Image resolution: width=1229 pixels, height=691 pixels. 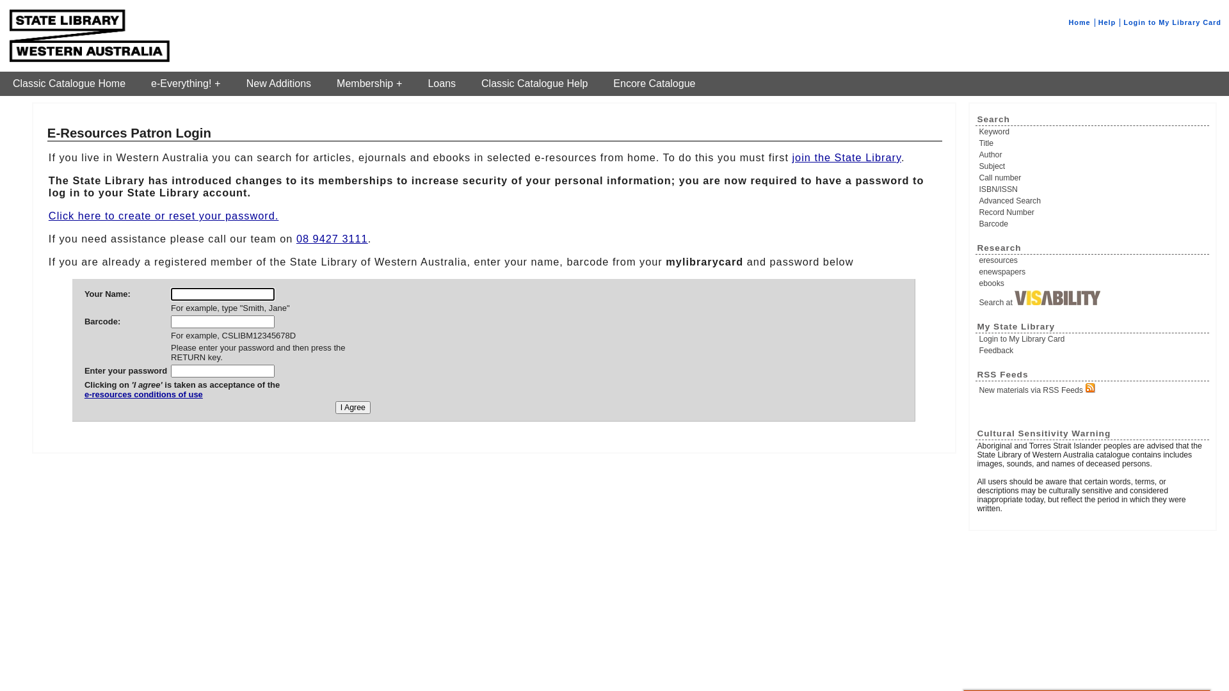 I want to click on 'Loans', so click(x=442, y=84).